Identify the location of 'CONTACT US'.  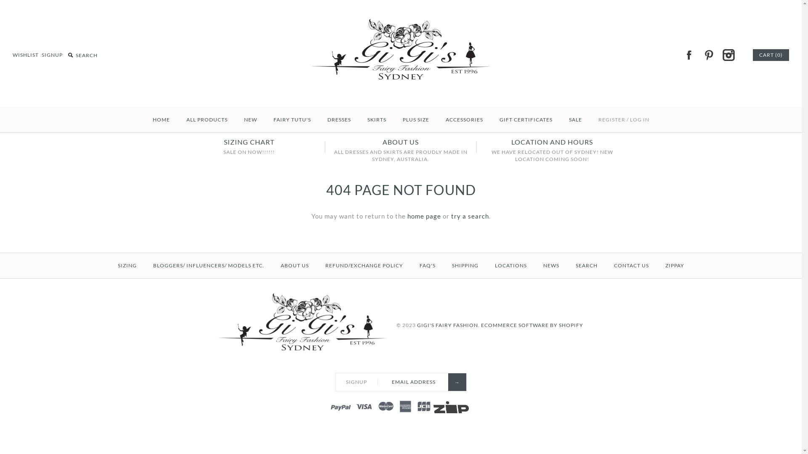
(606, 266).